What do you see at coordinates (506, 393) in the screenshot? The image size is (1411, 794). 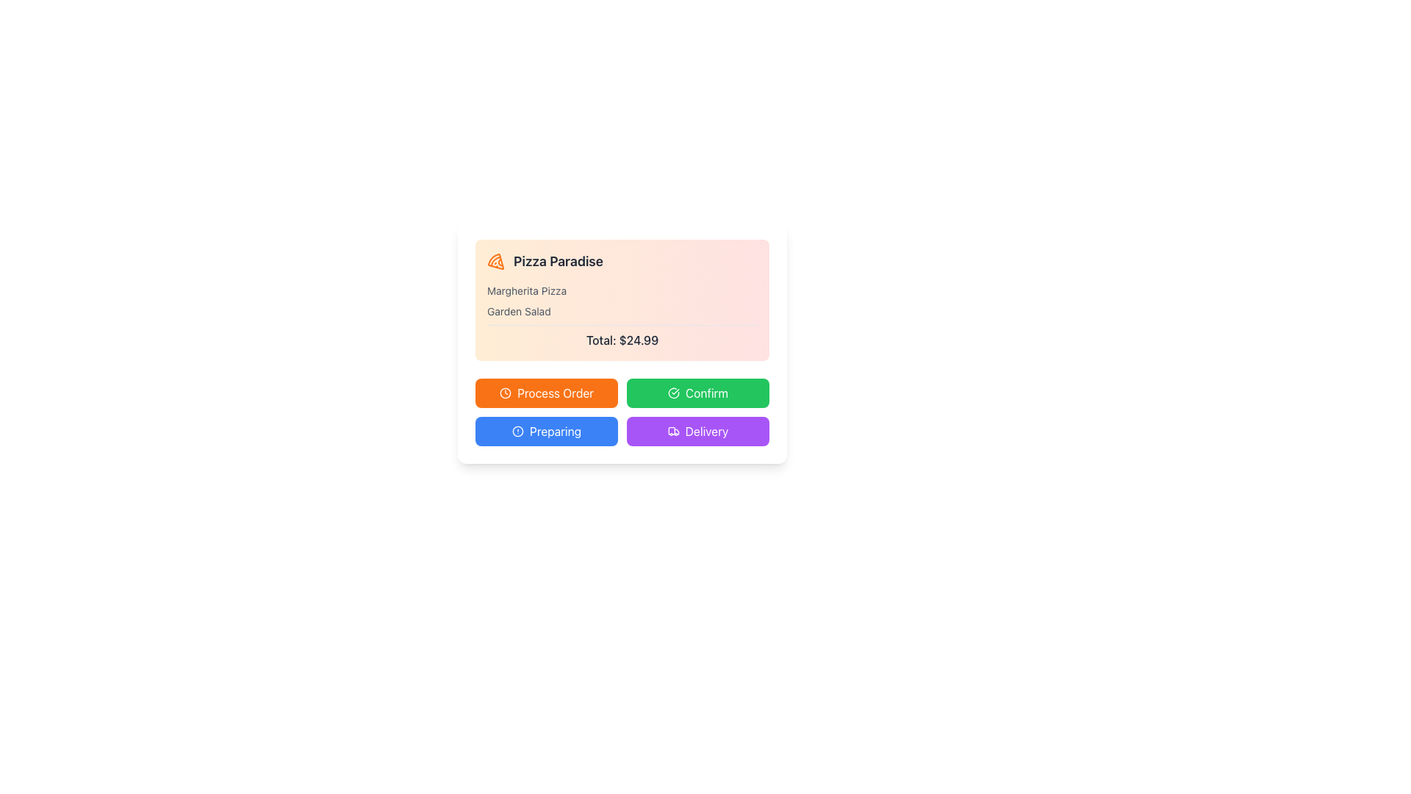 I see `the circular shape that forms part of the clock icon positioned to the left of the 'Pizza Paradise' text in the card interface` at bounding box center [506, 393].